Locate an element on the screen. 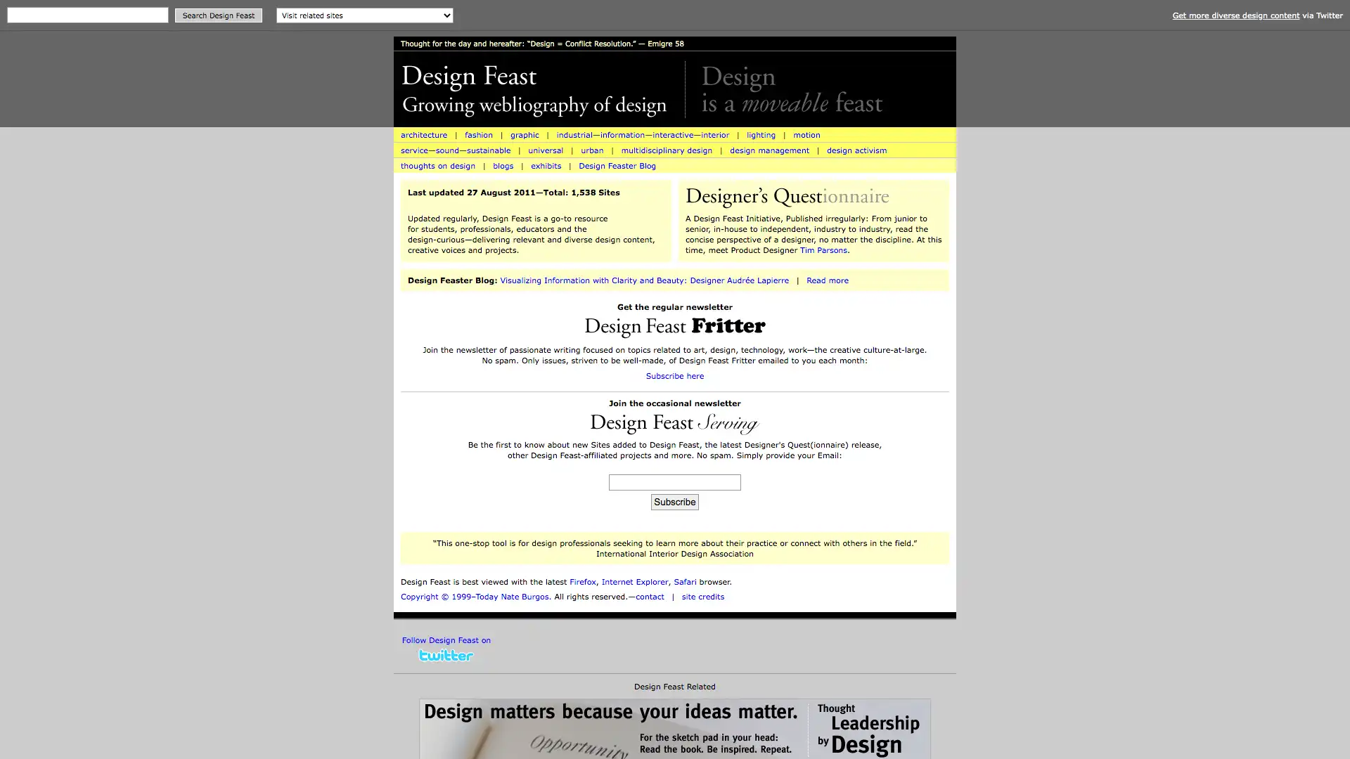 The image size is (1350, 759). Subscribe is located at coordinates (674, 501).